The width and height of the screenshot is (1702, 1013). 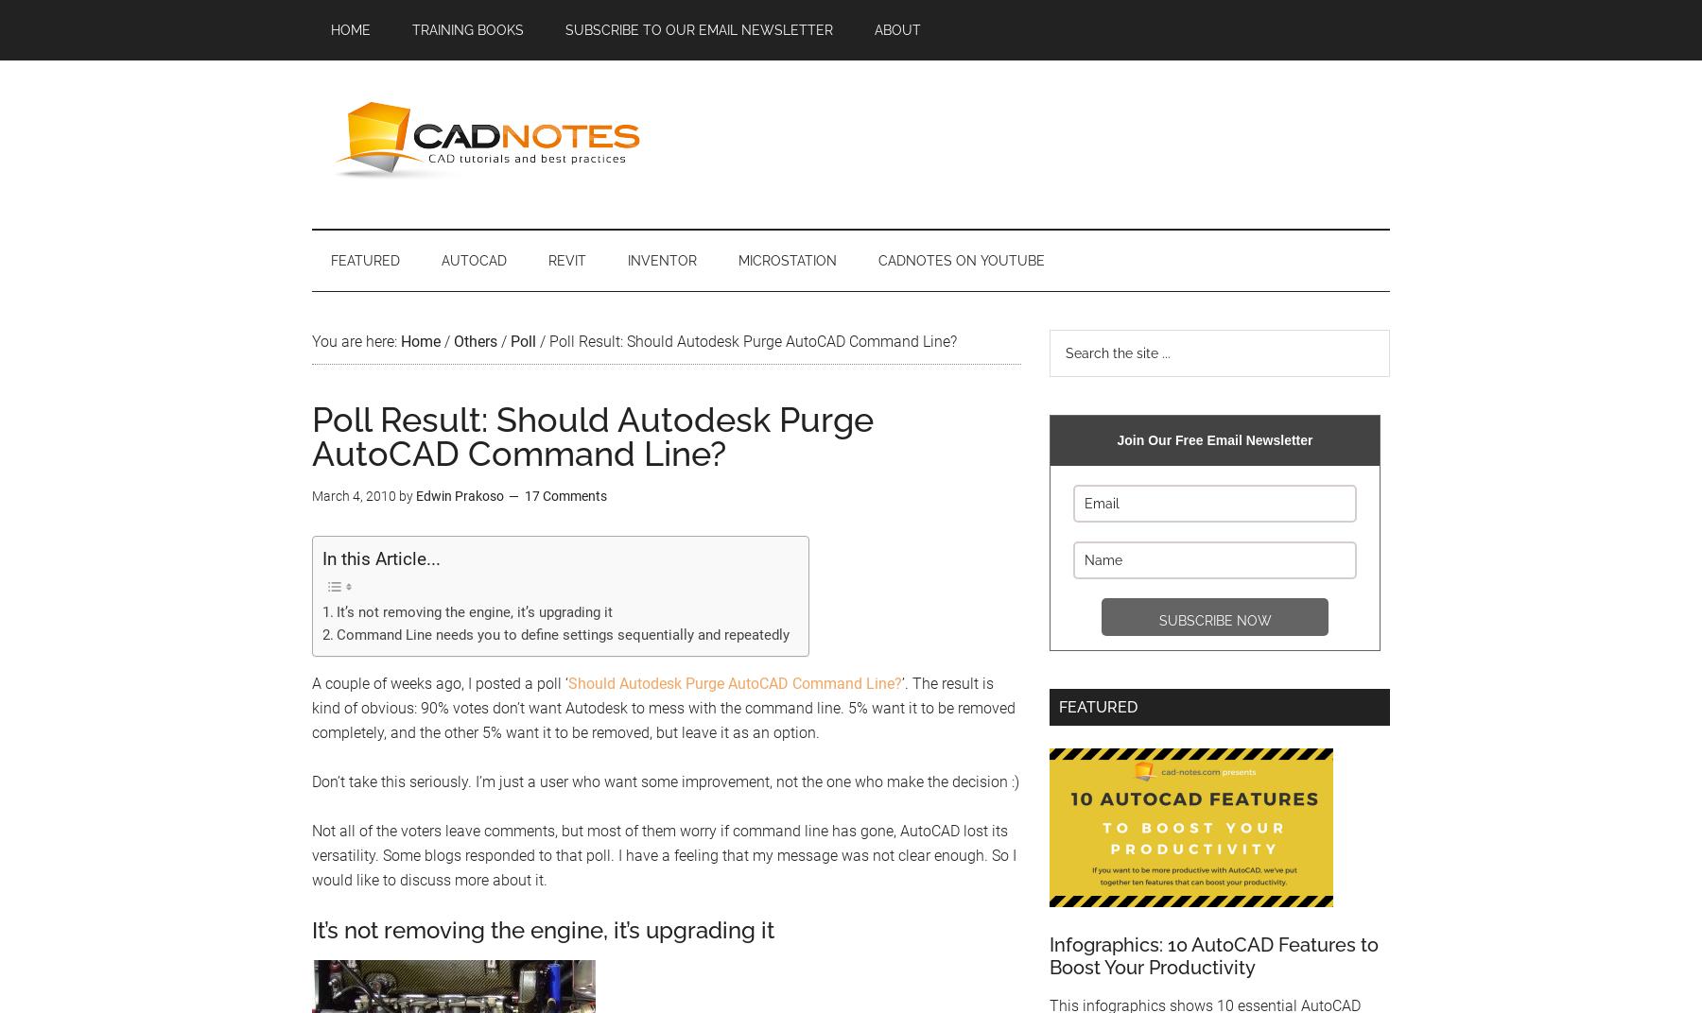 What do you see at coordinates (566, 260) in the screenshot?
I see `'Revit'` at bounding box center [566, 260].